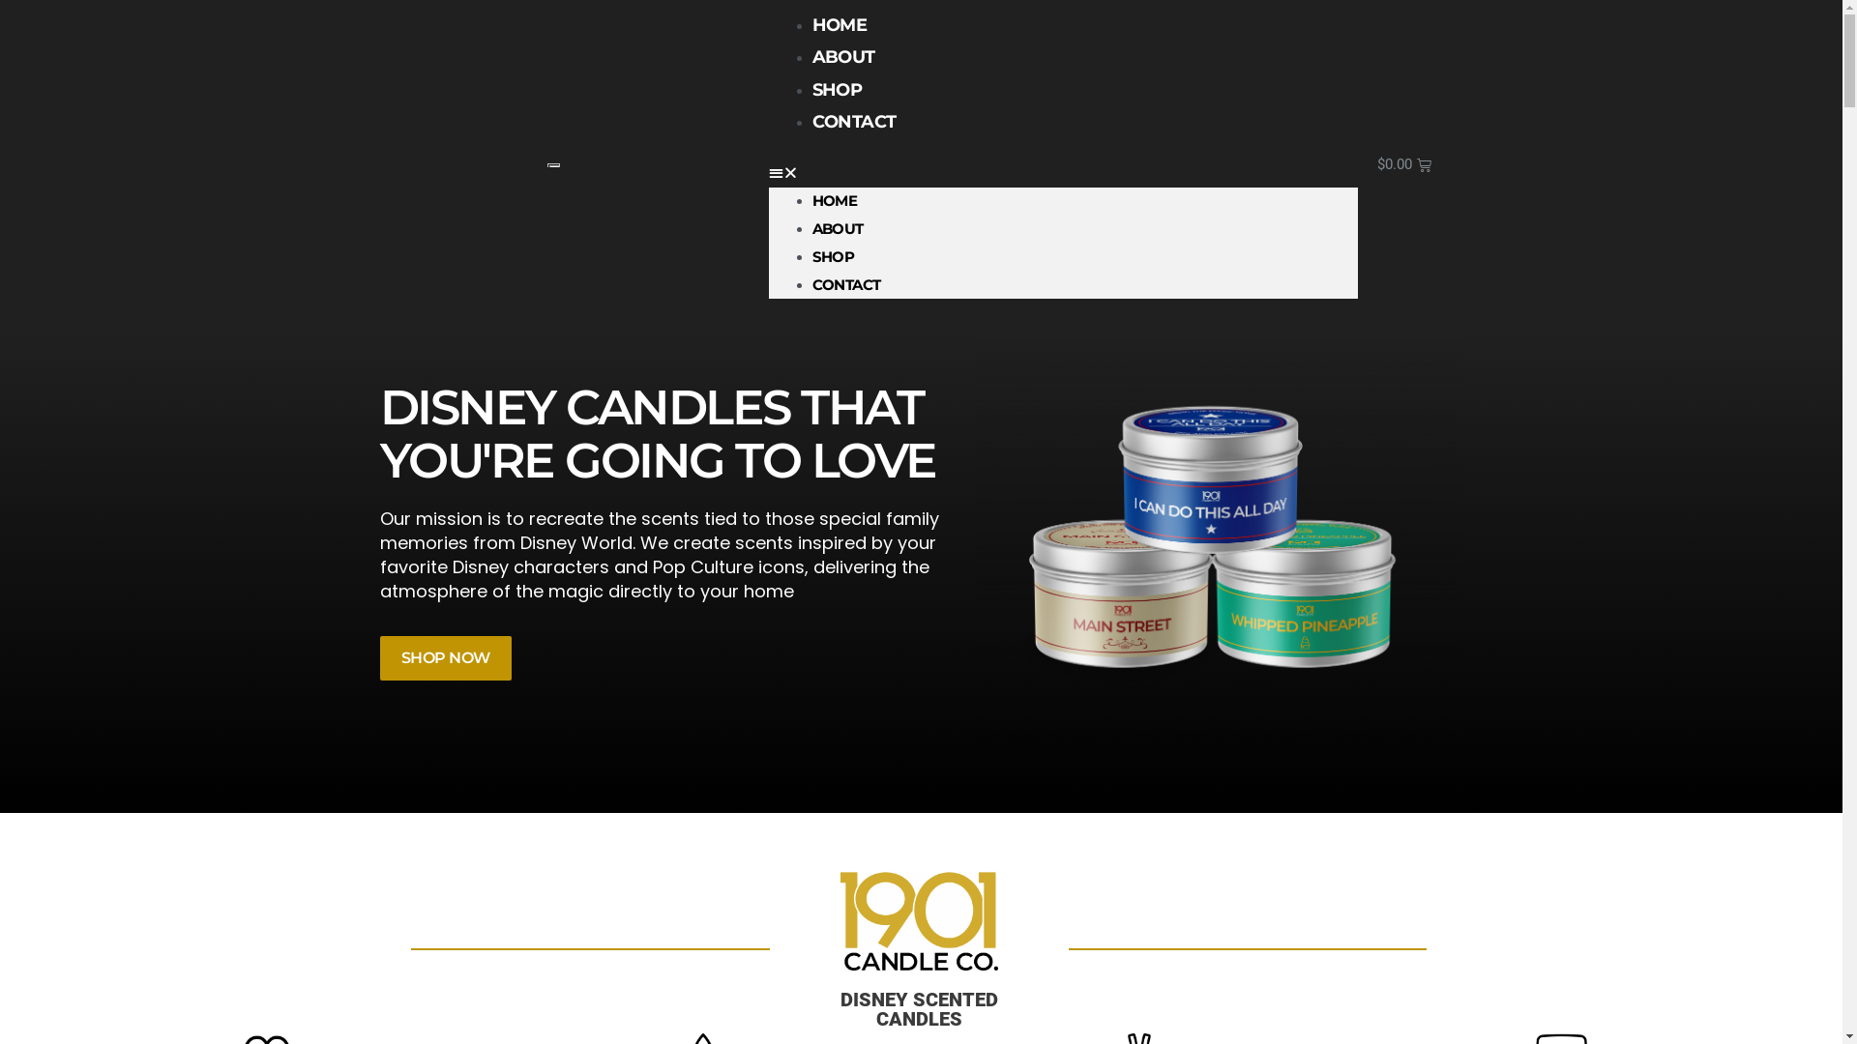 This screenshot has height=1044, width=1857. I want to click on 'SHOP', so click(837, 89).